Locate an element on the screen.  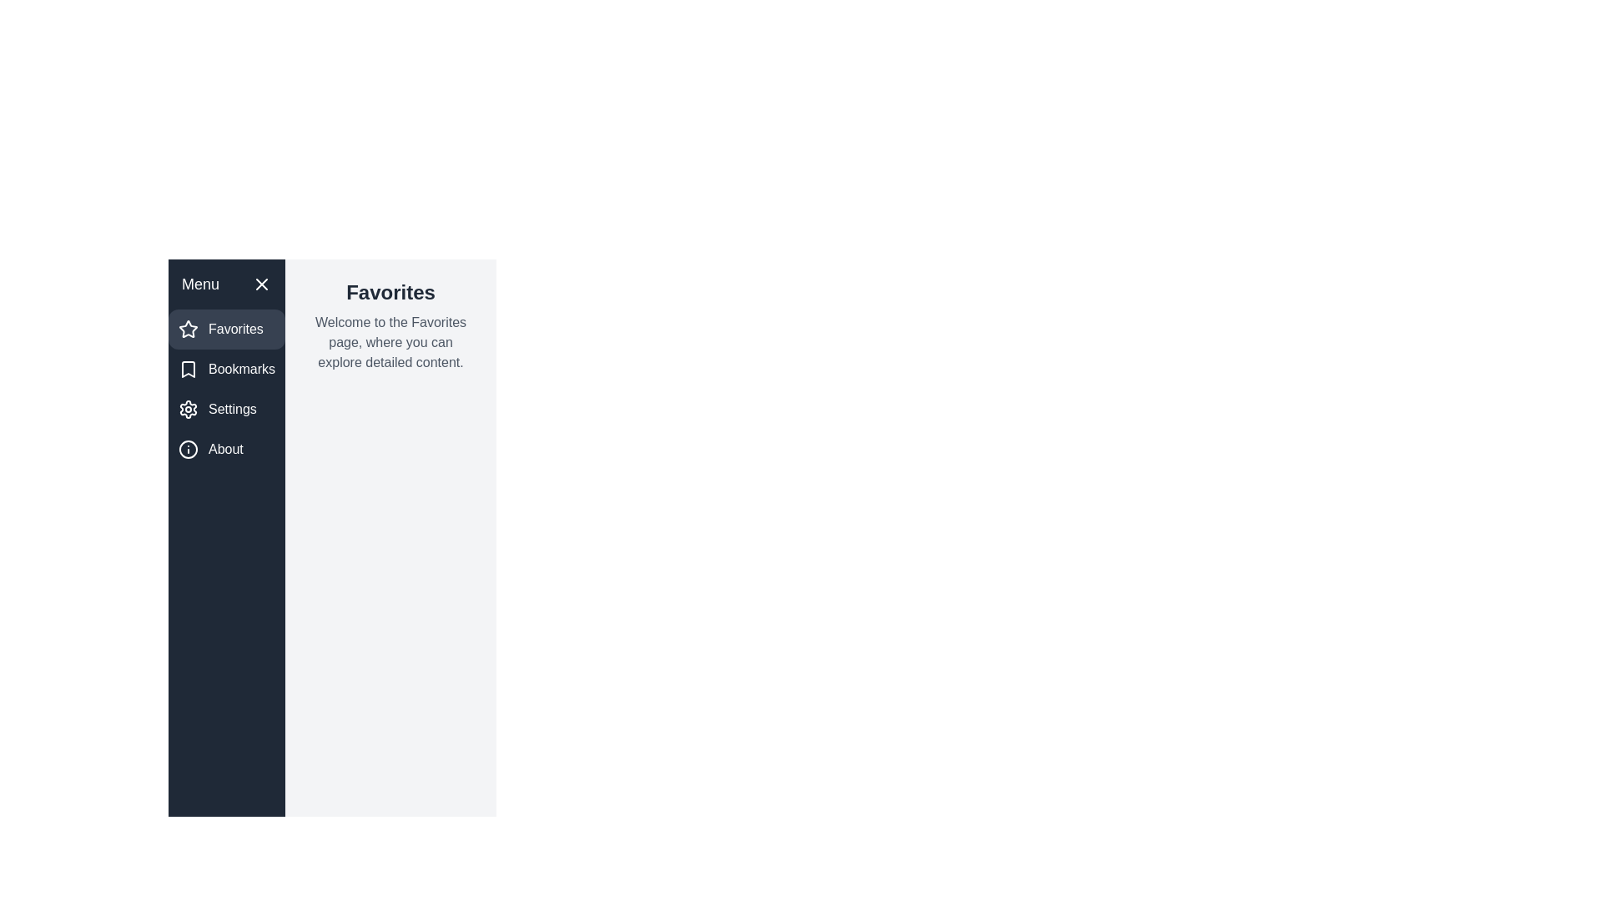
the vertical rectangular bookmark icon located in the navigation menu next to the 'Bookmarks' text is located at coordinates (188, 369).